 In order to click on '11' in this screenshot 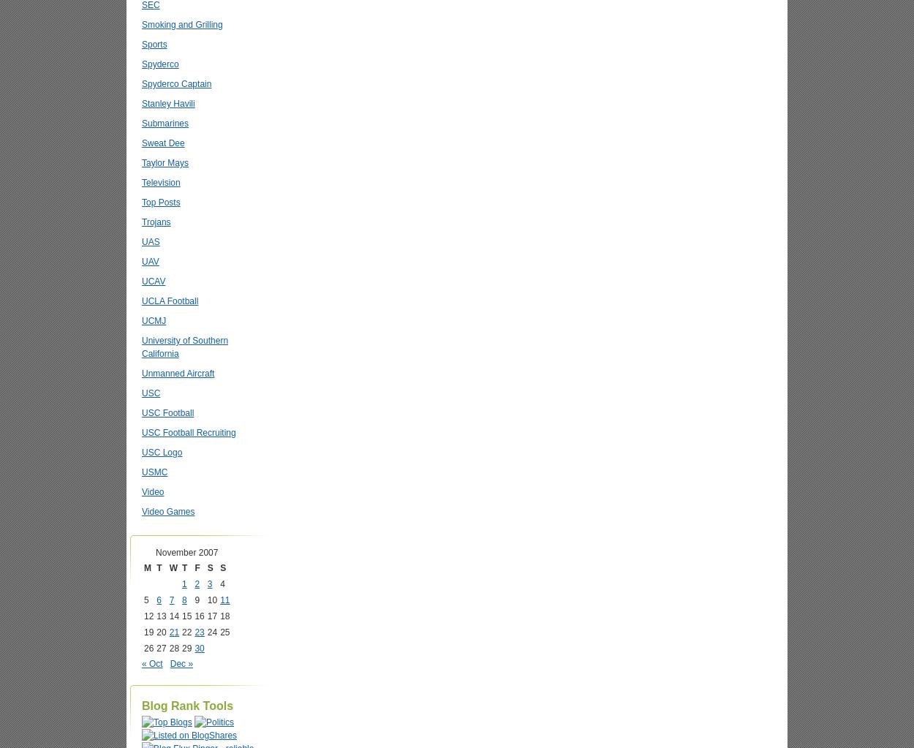, I will do `click(220, 600)`.